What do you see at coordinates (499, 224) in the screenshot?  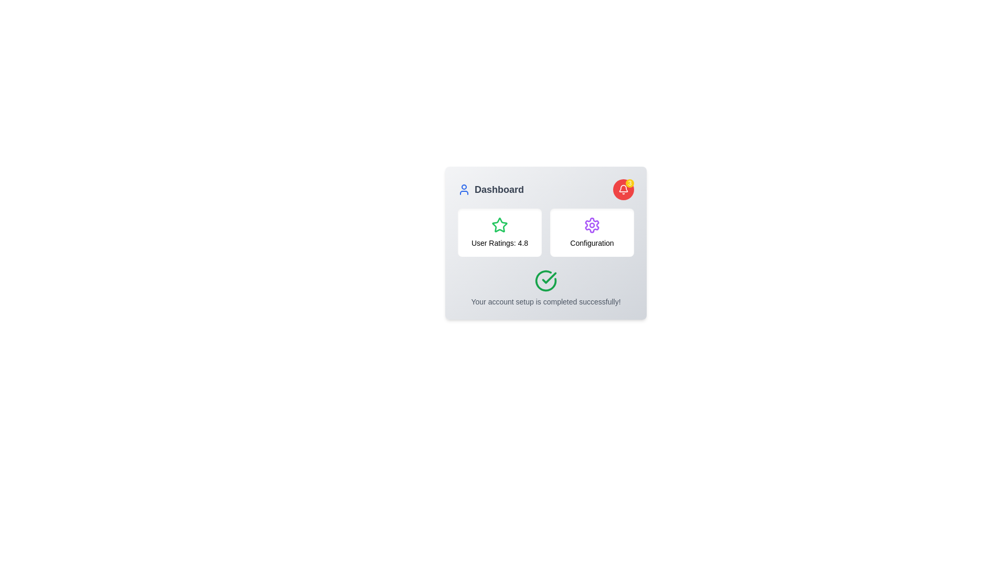 I see `the small, green, five-pointed star icon with a hollow center located within the 'User Ratings: 4.8' card in the dashboard interface` at bounding box center [499, 224].